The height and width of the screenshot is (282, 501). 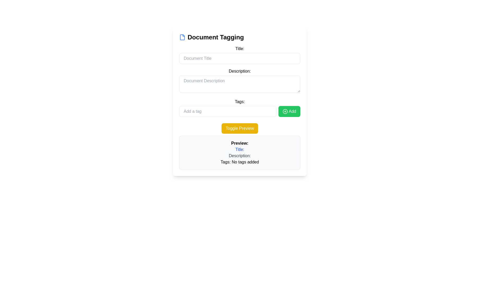 I want to click on the text label displaying 'Title:' which is positioned at the top of the form and centrally located above the 'Document Title' input field, so click(x=239, y=49).